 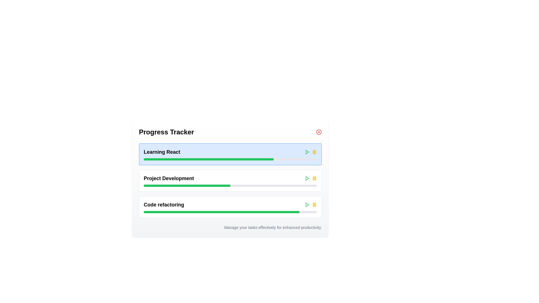 What do you see at coordinates (168, 178) in the screenshot?
I see `the label for the progress item in the Progress Tracker, which is the second item in the vertically stacked list, located between 'Learning React' and 'Code refactoring'` at bounding box center [168, 178].